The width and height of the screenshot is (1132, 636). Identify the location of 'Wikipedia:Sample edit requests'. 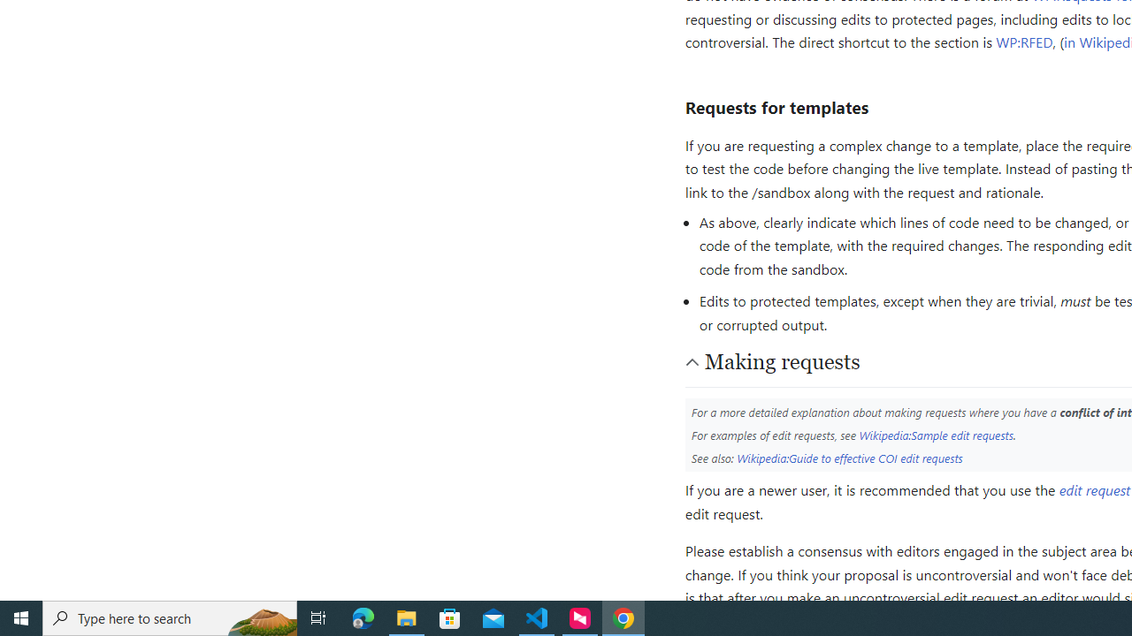
(935, 435).